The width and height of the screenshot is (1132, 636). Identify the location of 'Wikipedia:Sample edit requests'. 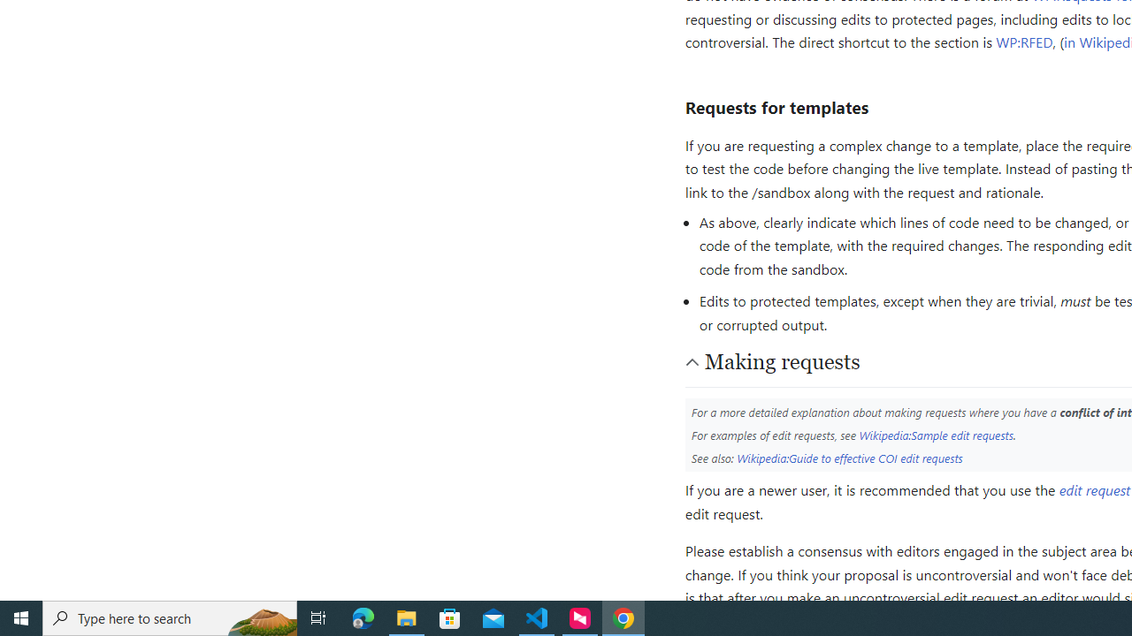
(935, 435).